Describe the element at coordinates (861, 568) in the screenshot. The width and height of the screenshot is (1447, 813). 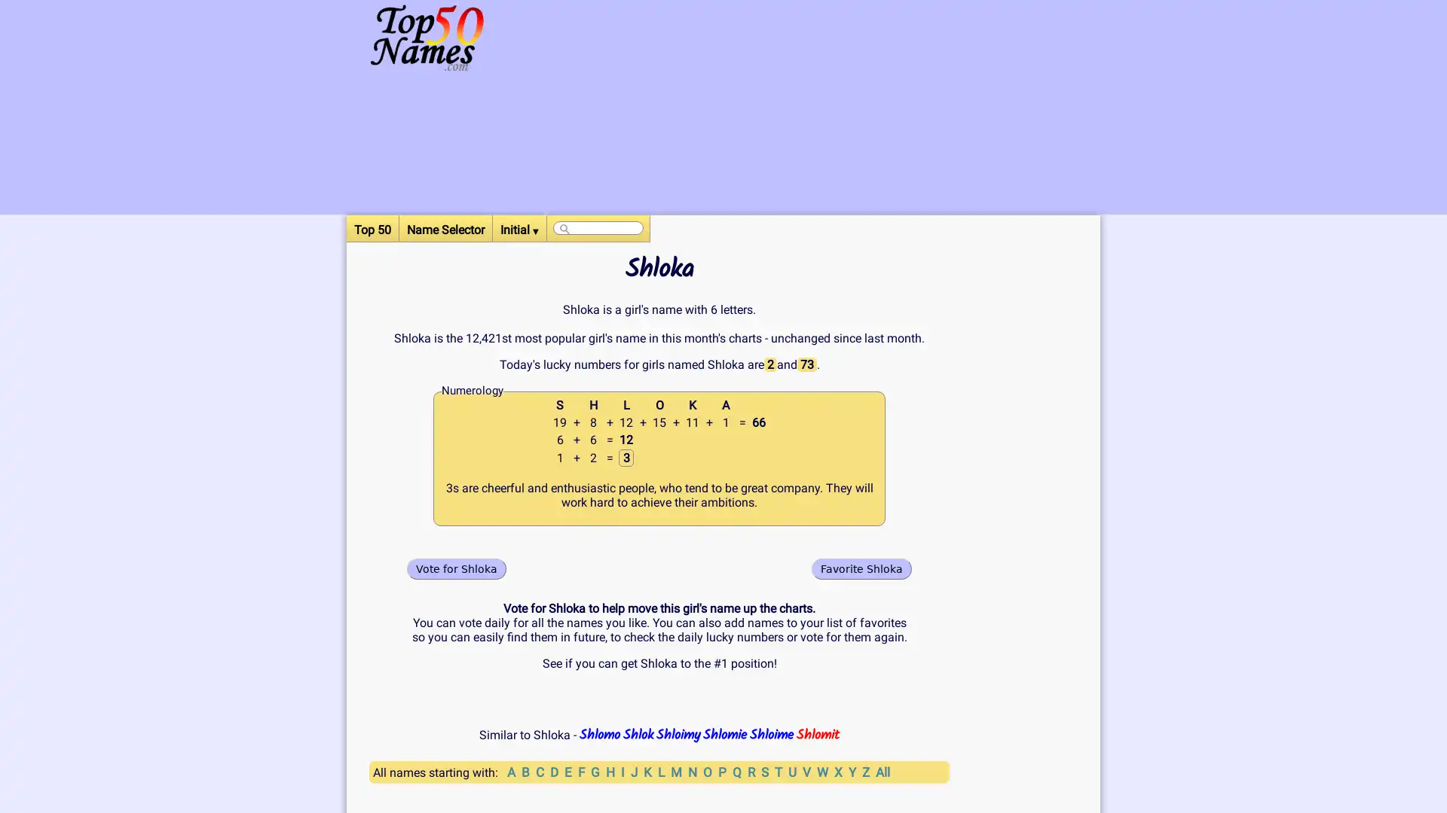
I see `Favorite Shloka` at that location.